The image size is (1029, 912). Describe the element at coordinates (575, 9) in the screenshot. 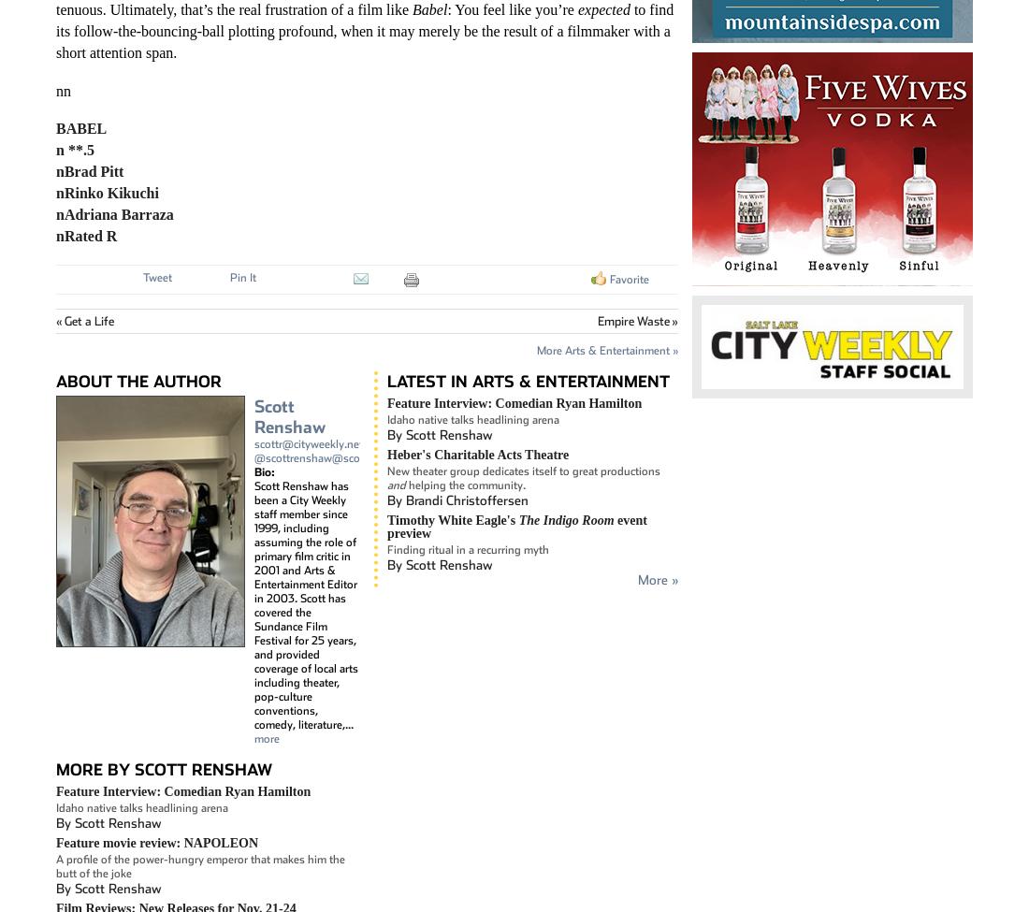

I see `'expected'` at that location.